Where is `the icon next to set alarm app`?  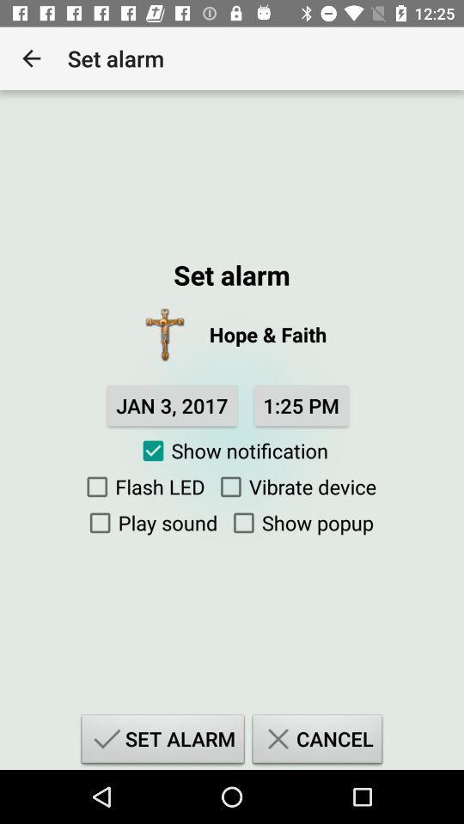 the icon next to set alarm app is located at coordinates (31, 58).